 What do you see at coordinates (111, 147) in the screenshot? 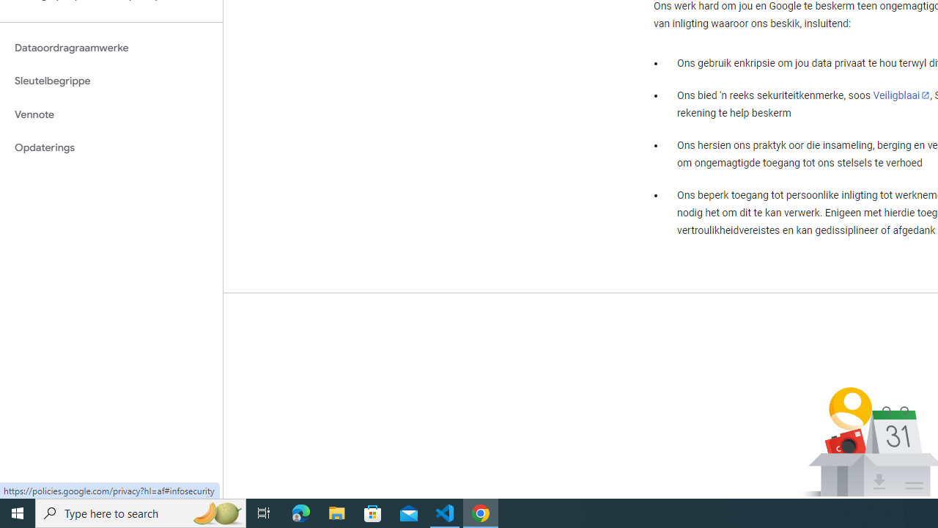
I see `'Opdaterings'` at bounding box center [111, 147].